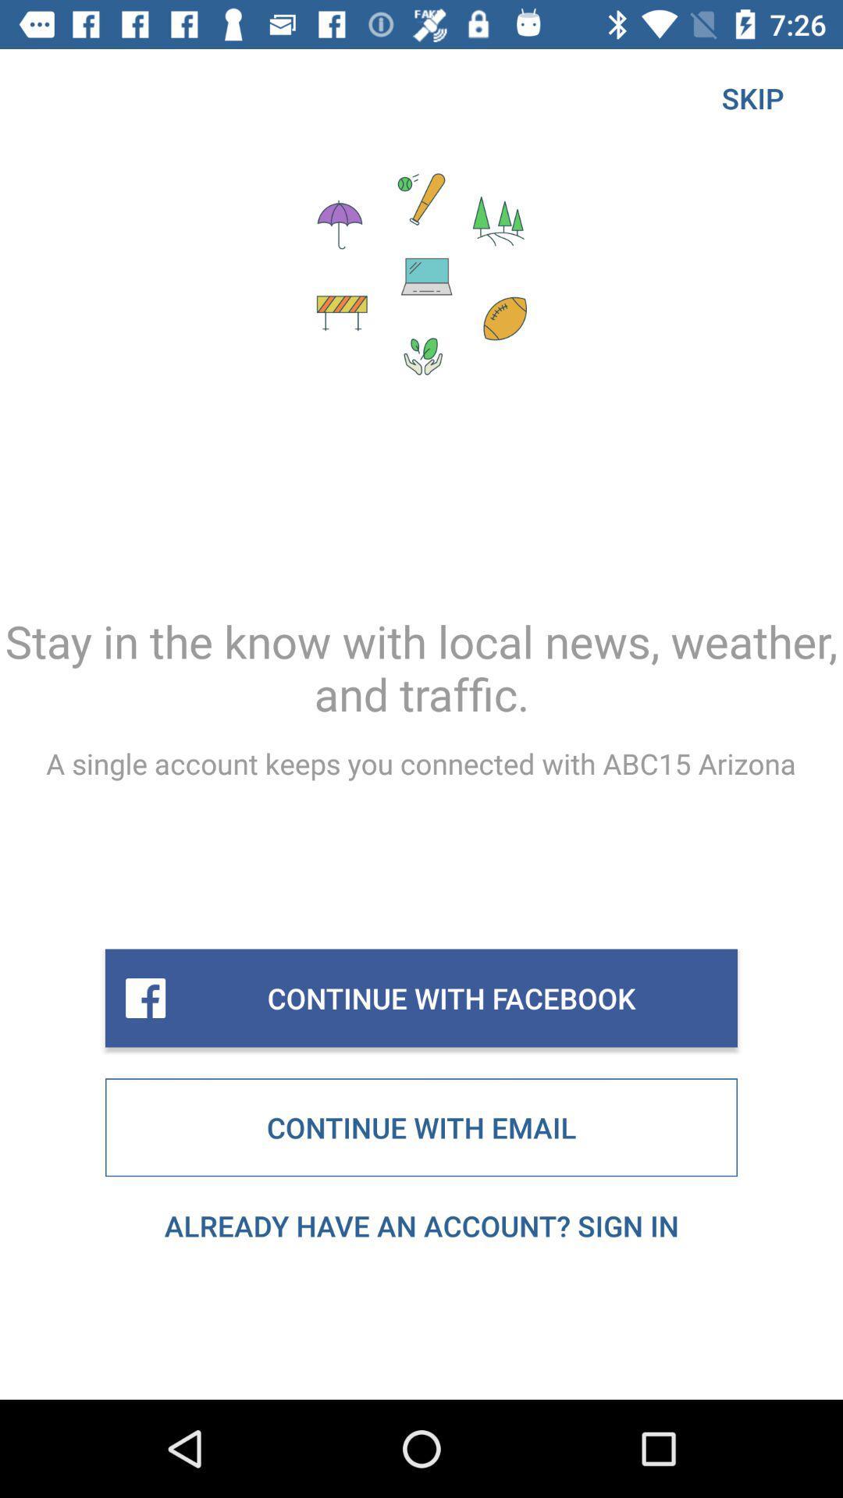  I want to click on icon below the continue with email item, so click(421, 1225).